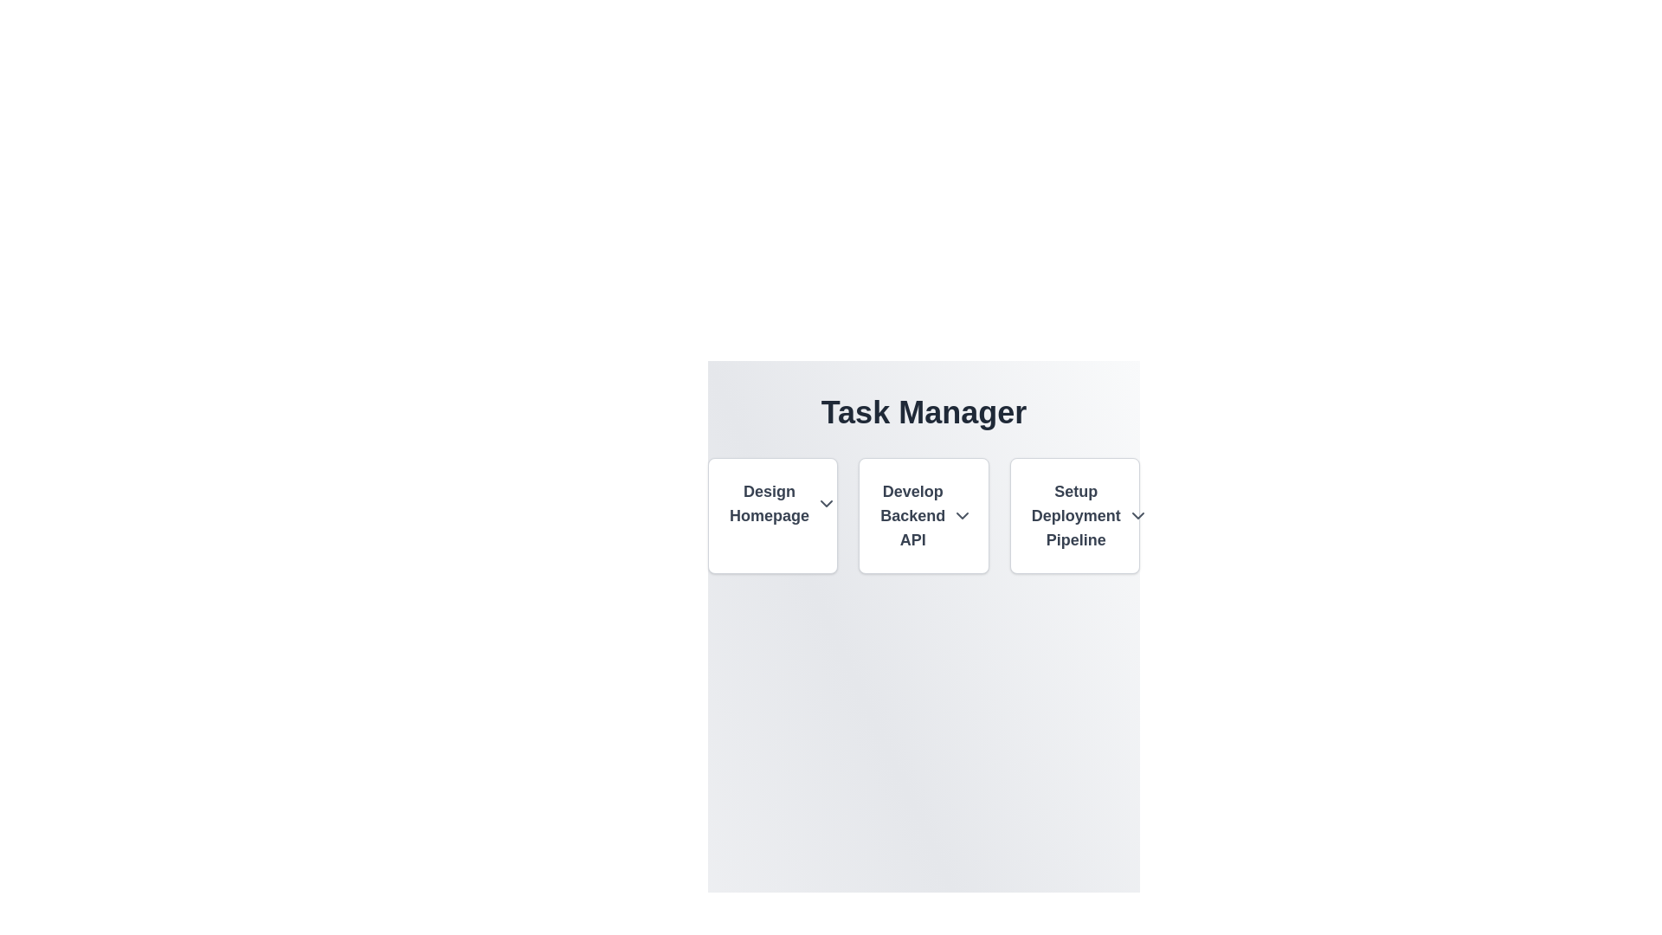 The height and width of the screenshot is (935, 1662). Describe the element at coordinates (768, 504) in the screenshot. I see `the header text element located at the top-left of the button group, which provides context for associated tasks` at that location.